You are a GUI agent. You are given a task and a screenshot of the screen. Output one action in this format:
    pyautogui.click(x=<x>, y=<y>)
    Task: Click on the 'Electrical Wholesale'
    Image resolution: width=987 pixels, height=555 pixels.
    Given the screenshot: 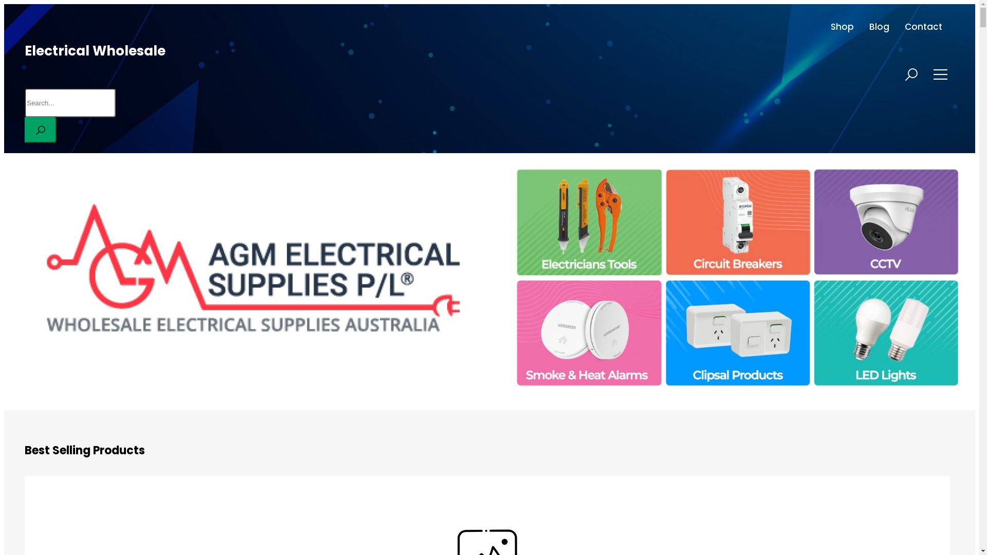 What is the action you would take?
    pyautogui.click(x=95, y=51)
    